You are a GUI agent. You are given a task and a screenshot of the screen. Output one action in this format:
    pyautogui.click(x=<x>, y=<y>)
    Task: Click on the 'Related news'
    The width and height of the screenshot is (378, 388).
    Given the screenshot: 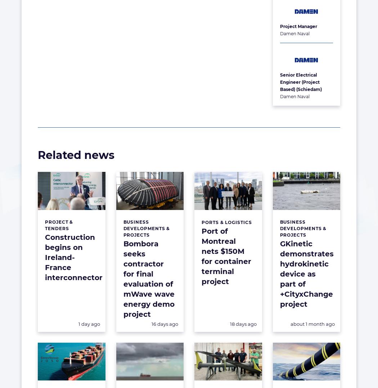 What is the action you would take?
    pyautogui.click(x=76, y=155)
    